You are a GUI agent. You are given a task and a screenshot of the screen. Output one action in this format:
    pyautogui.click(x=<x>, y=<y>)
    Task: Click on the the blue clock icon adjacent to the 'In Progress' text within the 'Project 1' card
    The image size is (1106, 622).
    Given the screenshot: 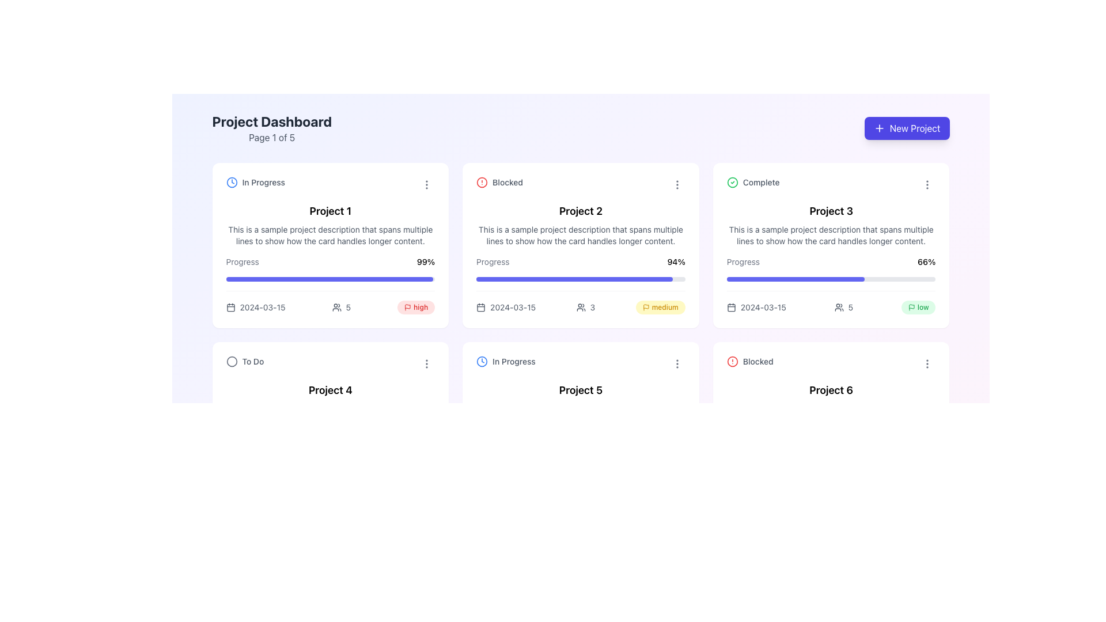 What is the action you would take?
    pyautogui.click(x=231, y=181)
    